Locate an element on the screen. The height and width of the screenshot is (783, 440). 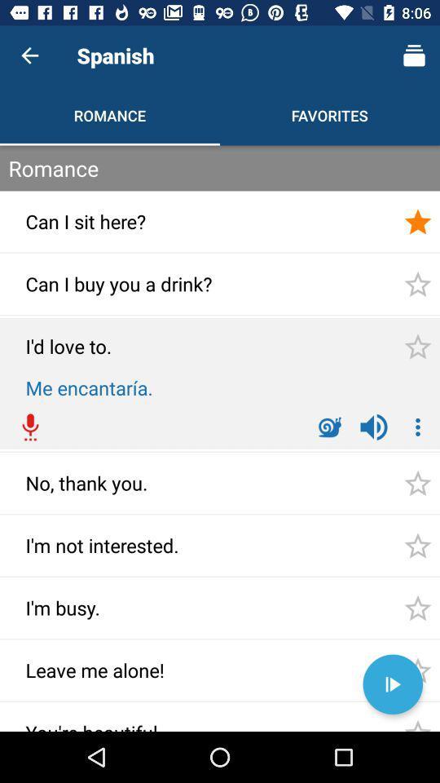
the play icon is located at coordinates (392, 684).